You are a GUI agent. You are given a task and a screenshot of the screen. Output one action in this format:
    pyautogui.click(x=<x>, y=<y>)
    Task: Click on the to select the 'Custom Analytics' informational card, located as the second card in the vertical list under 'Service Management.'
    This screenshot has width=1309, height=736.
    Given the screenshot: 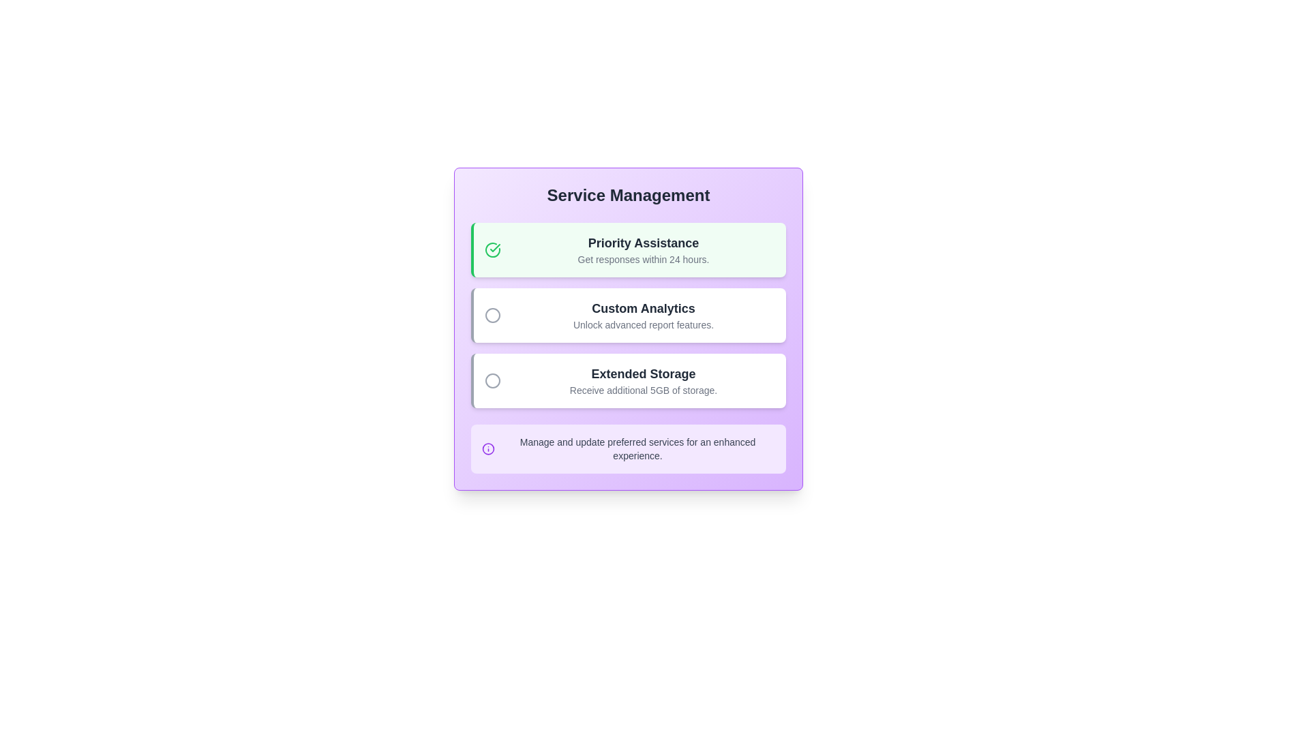 What is the action you would take?
    pyautogui.click(x=627, y=315)
    